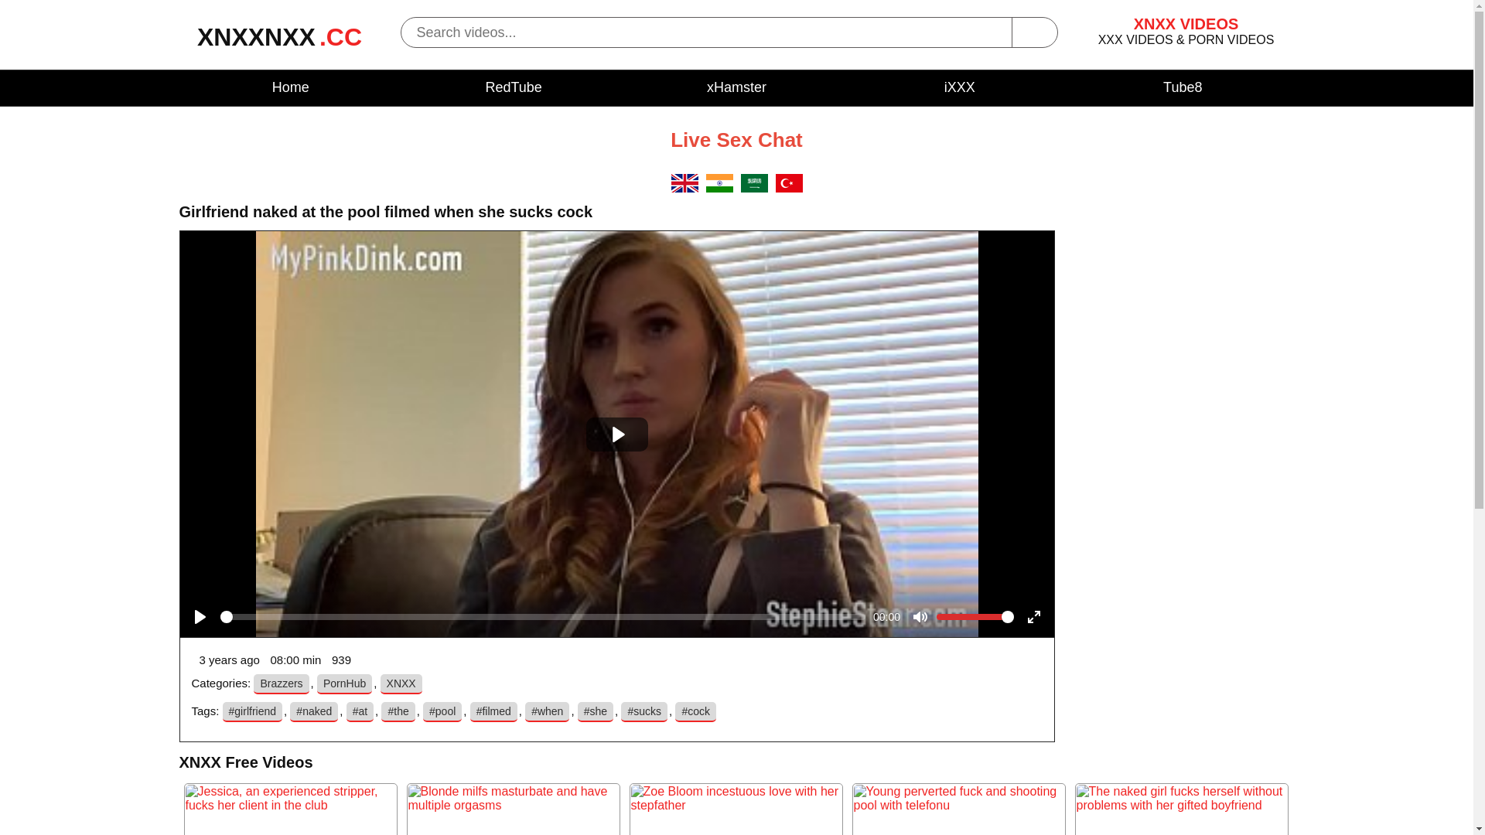  I want to click on '#filmed', so click(493, 712).